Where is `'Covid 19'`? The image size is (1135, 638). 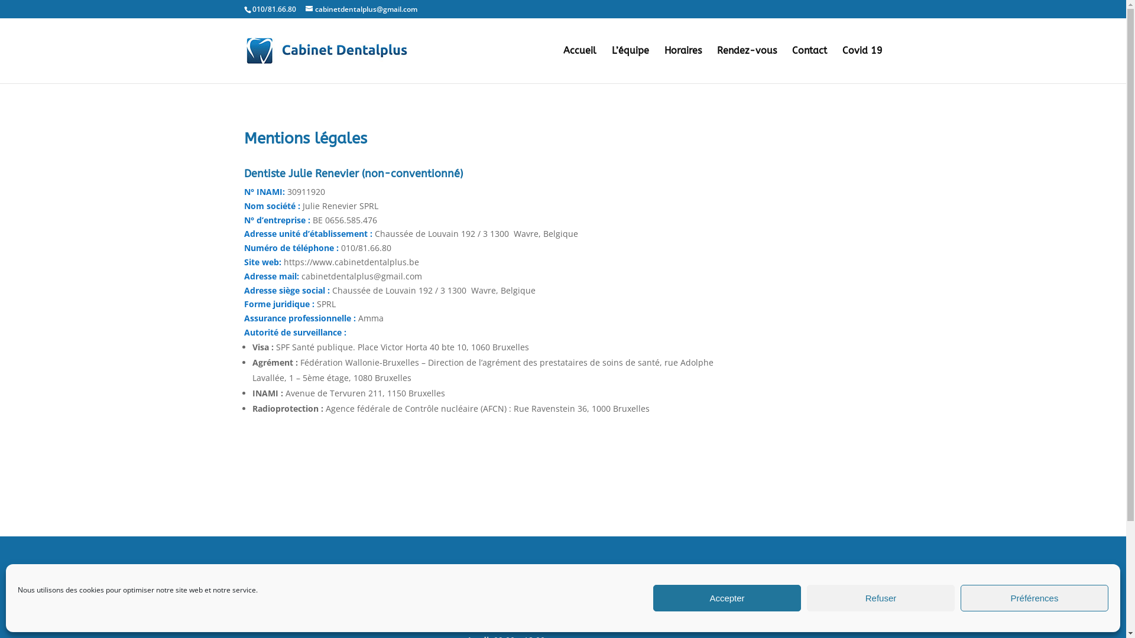 'Covid 19' is located at coordinates (862, 65).